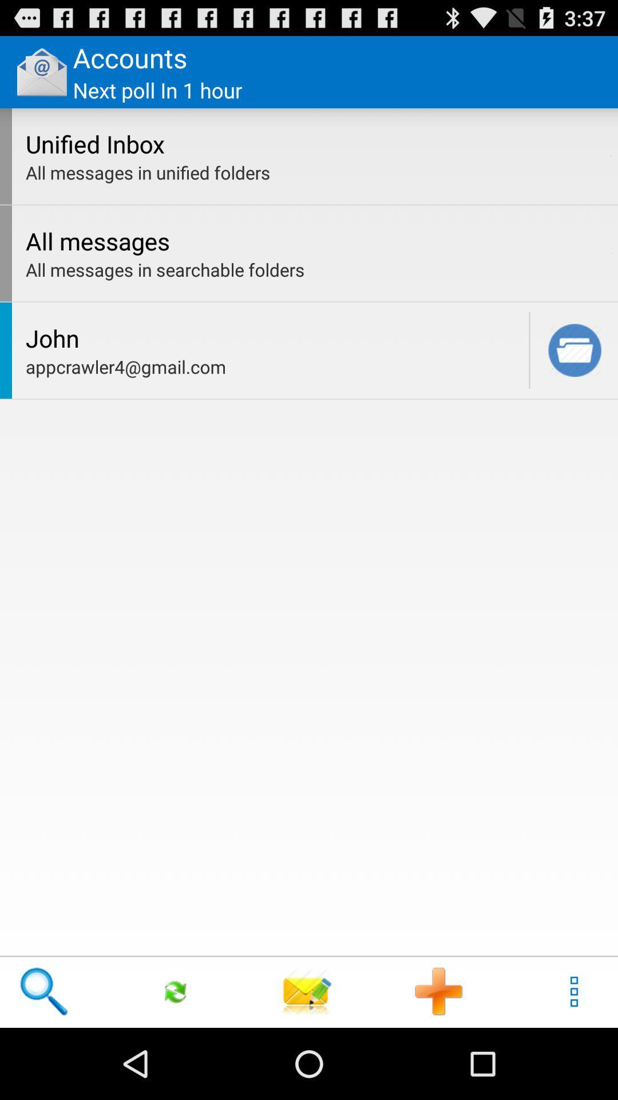 This screenshot has width=618, height=1100. I want to click on the app above the all messages in app, so click(611, 156).